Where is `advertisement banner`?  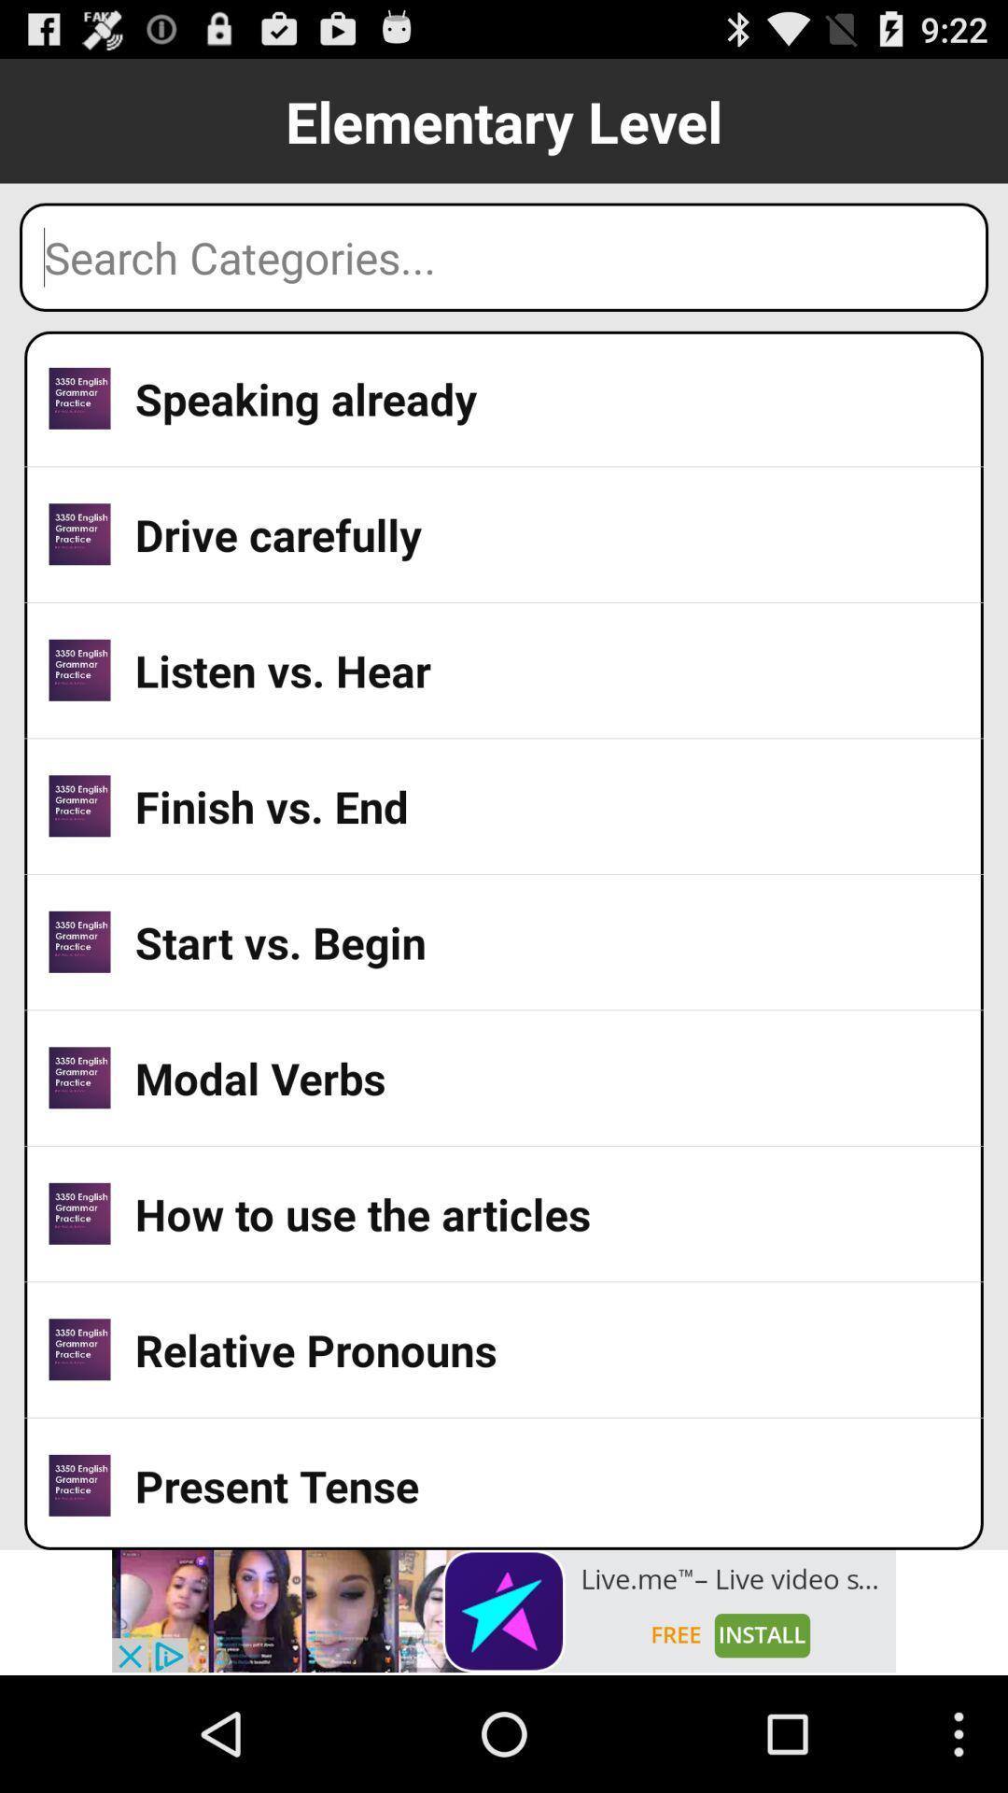 advertisement banner is located at coordinates (504, 1610).